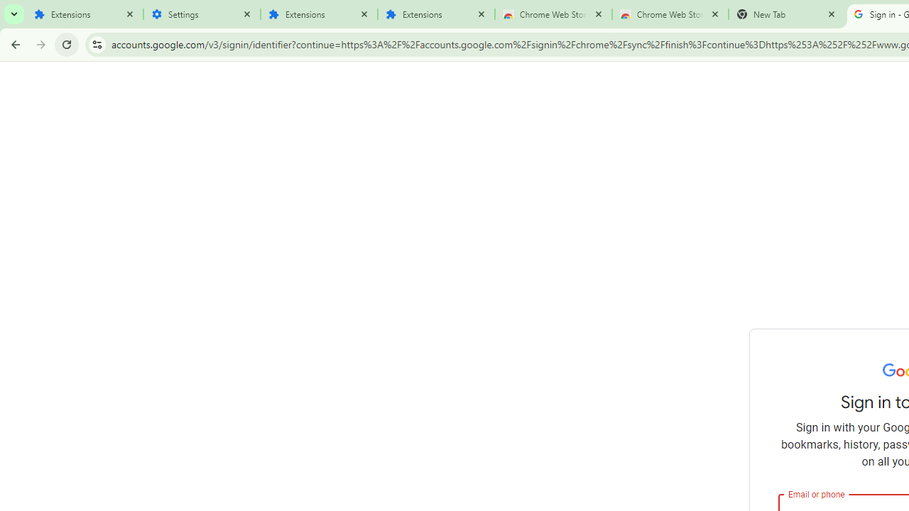 This screenshot has width=909, height=511. I want to click on 'Reload', so click(66, 43).